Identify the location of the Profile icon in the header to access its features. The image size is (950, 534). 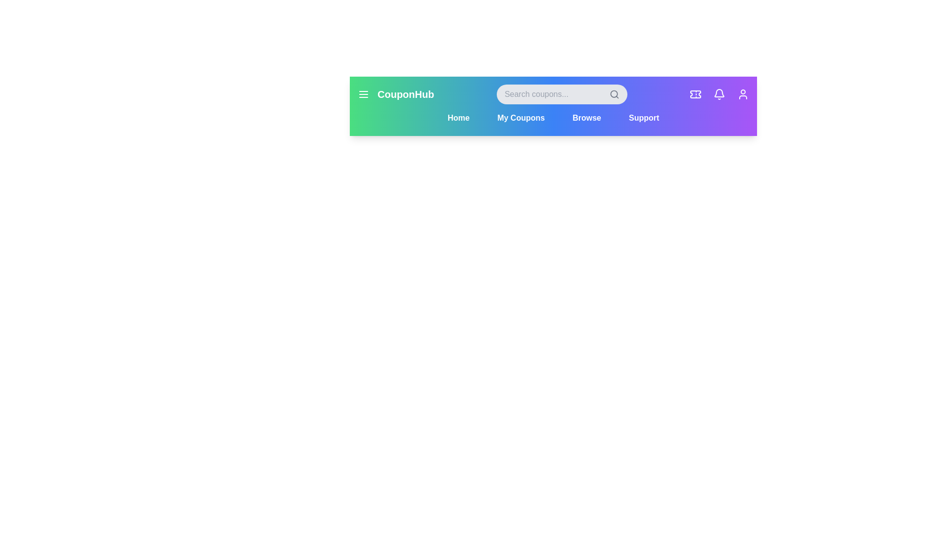
(743, 94).